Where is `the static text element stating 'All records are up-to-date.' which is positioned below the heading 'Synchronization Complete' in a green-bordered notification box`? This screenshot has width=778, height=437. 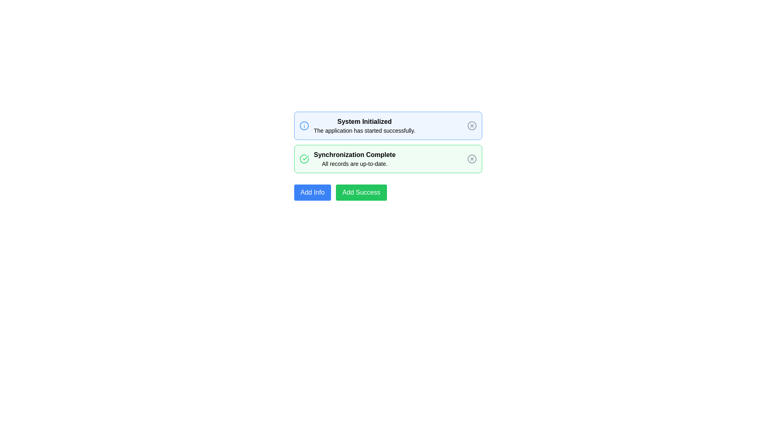 the static text element stating 'All records are up-to-date.' which is positioned below the heading 'Synchronization Complete' in a green-bordered notification box is located at coordinates (355, 164).